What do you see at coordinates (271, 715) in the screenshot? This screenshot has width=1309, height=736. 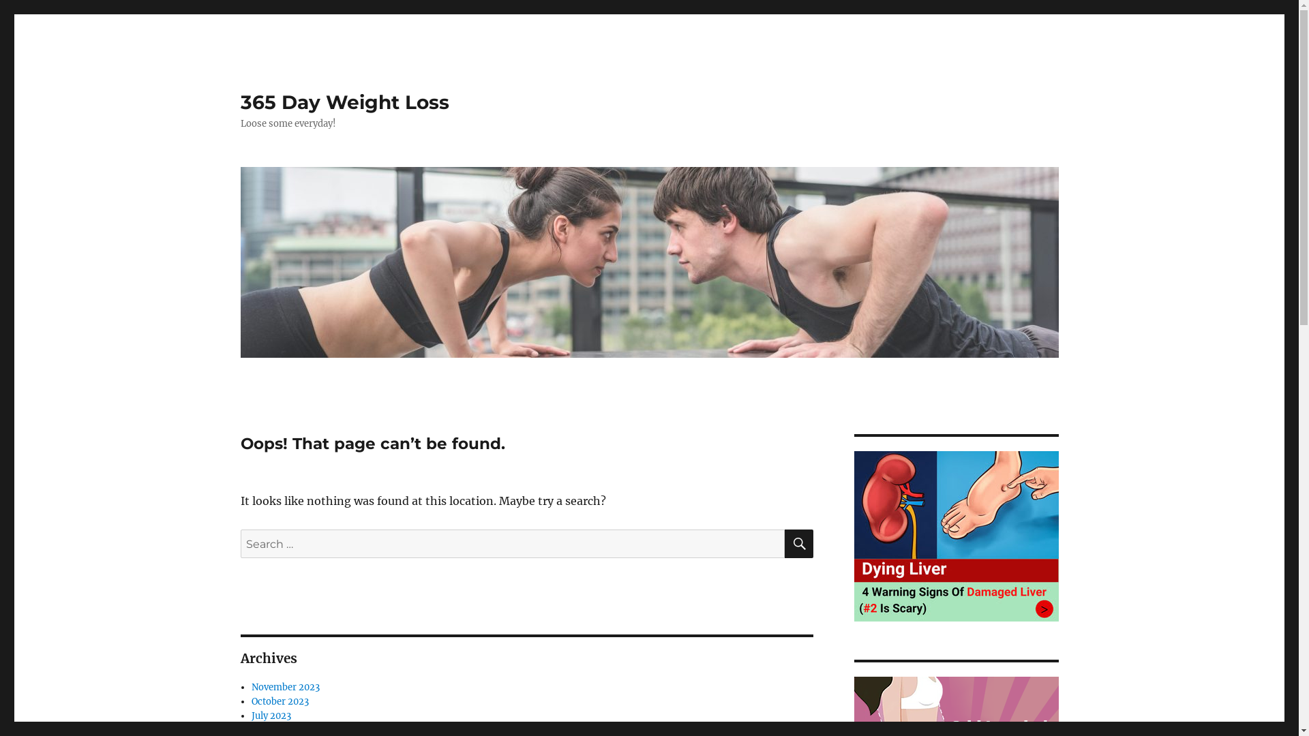 I see `'July 2023'` at bounding box center [271, 715].